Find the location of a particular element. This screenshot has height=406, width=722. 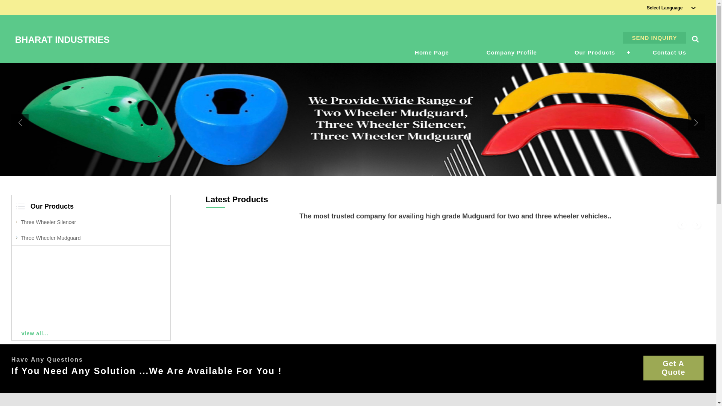

'Select Language' is located at coordinates (633, 8).